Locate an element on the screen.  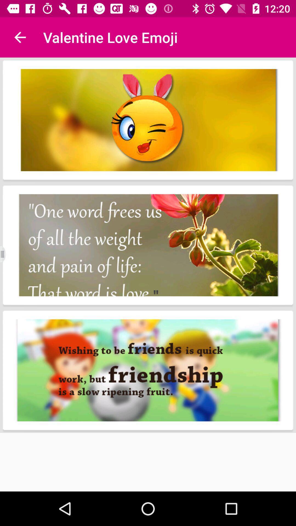
the item to the left of the valentine love emoji is located at coordinates (20, 37).